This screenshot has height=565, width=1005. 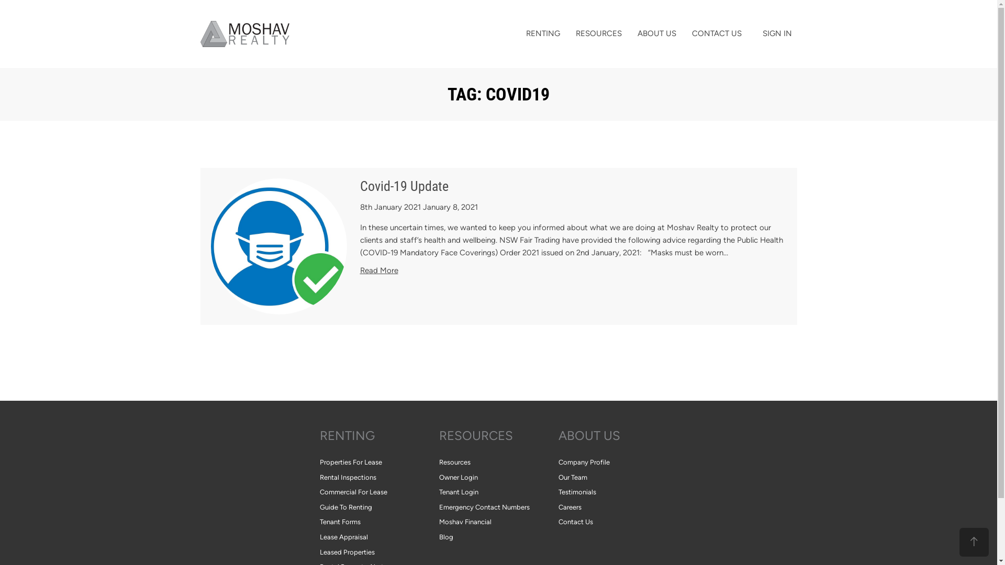 I want to click on 'Read More', so click(x=378, y=269).